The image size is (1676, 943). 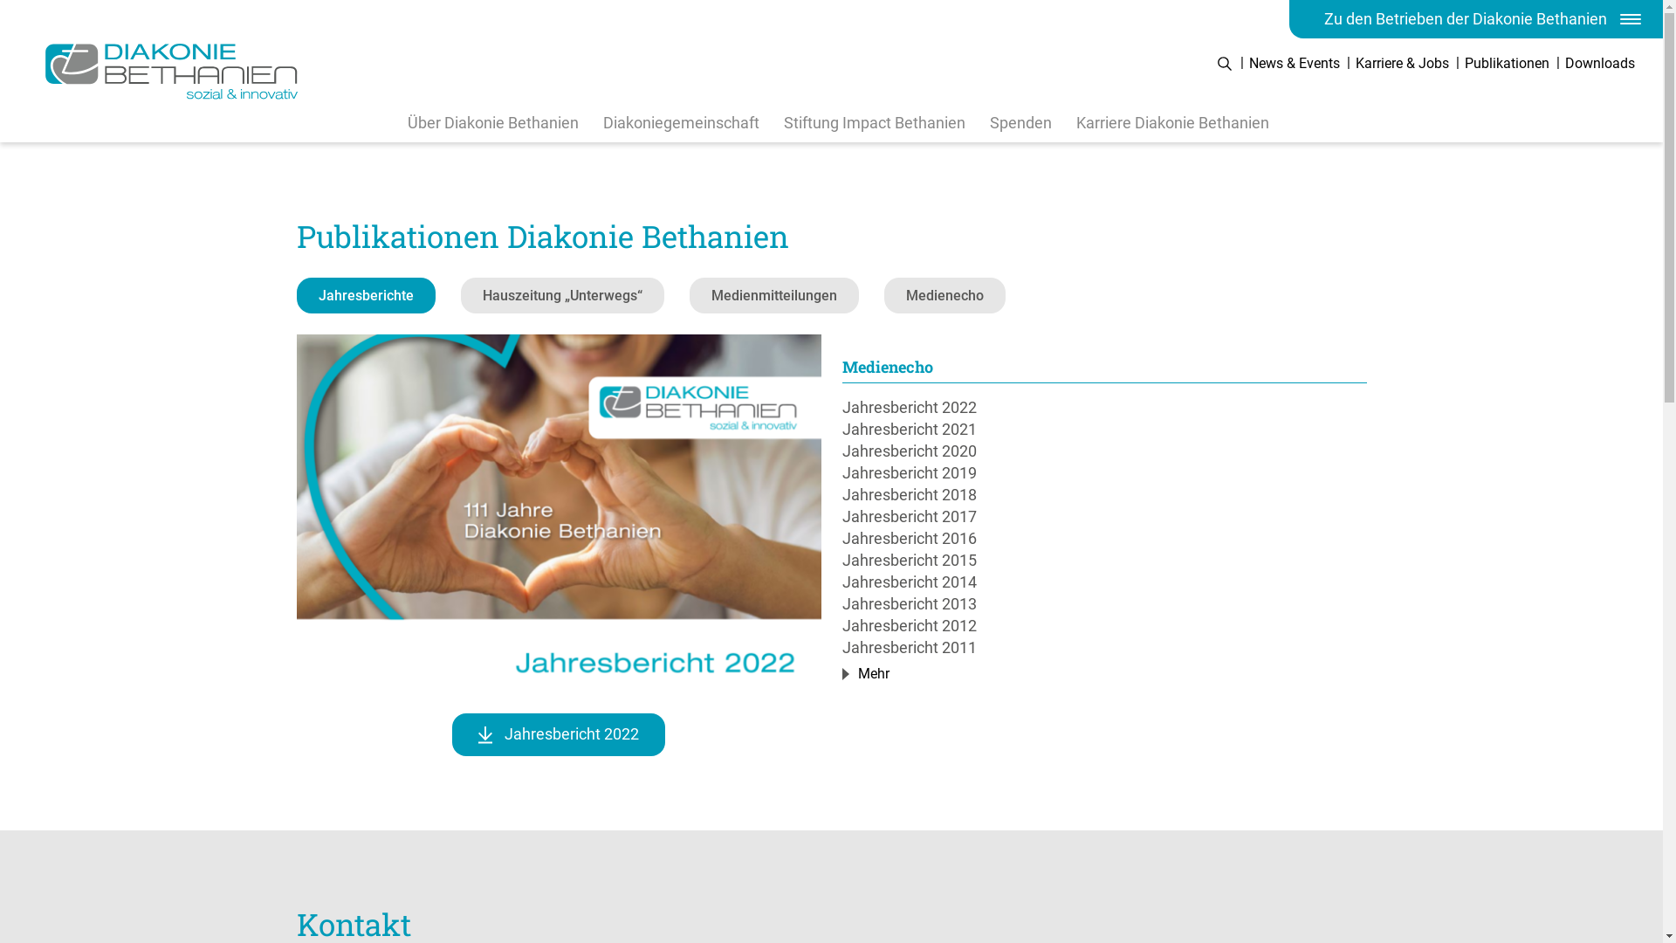 I want to click on 'Jahresbericht 2013', so click(x=1102, y=602).